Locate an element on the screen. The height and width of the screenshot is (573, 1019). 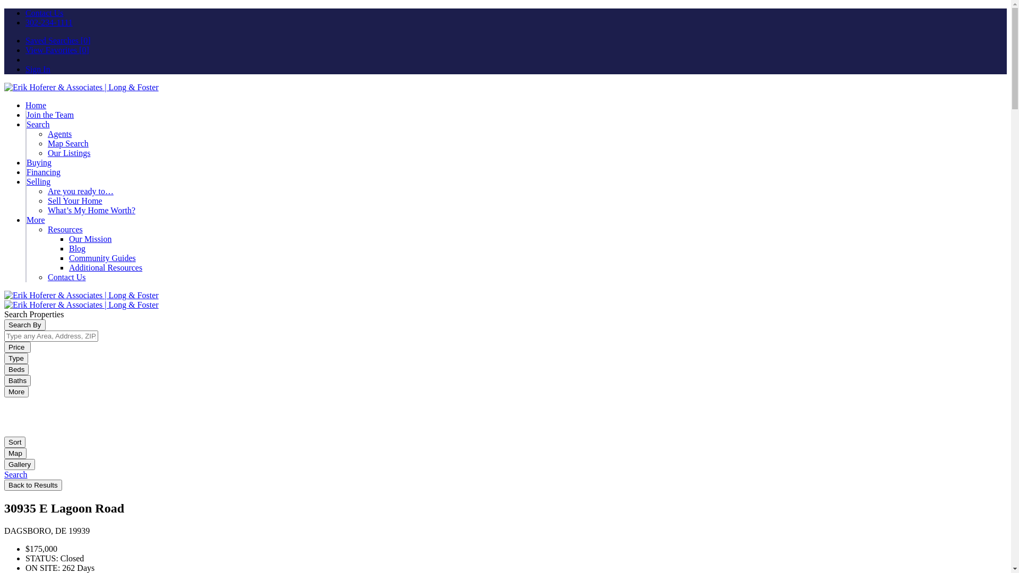
'302-234-1111' is located at coordinates (48, 22).